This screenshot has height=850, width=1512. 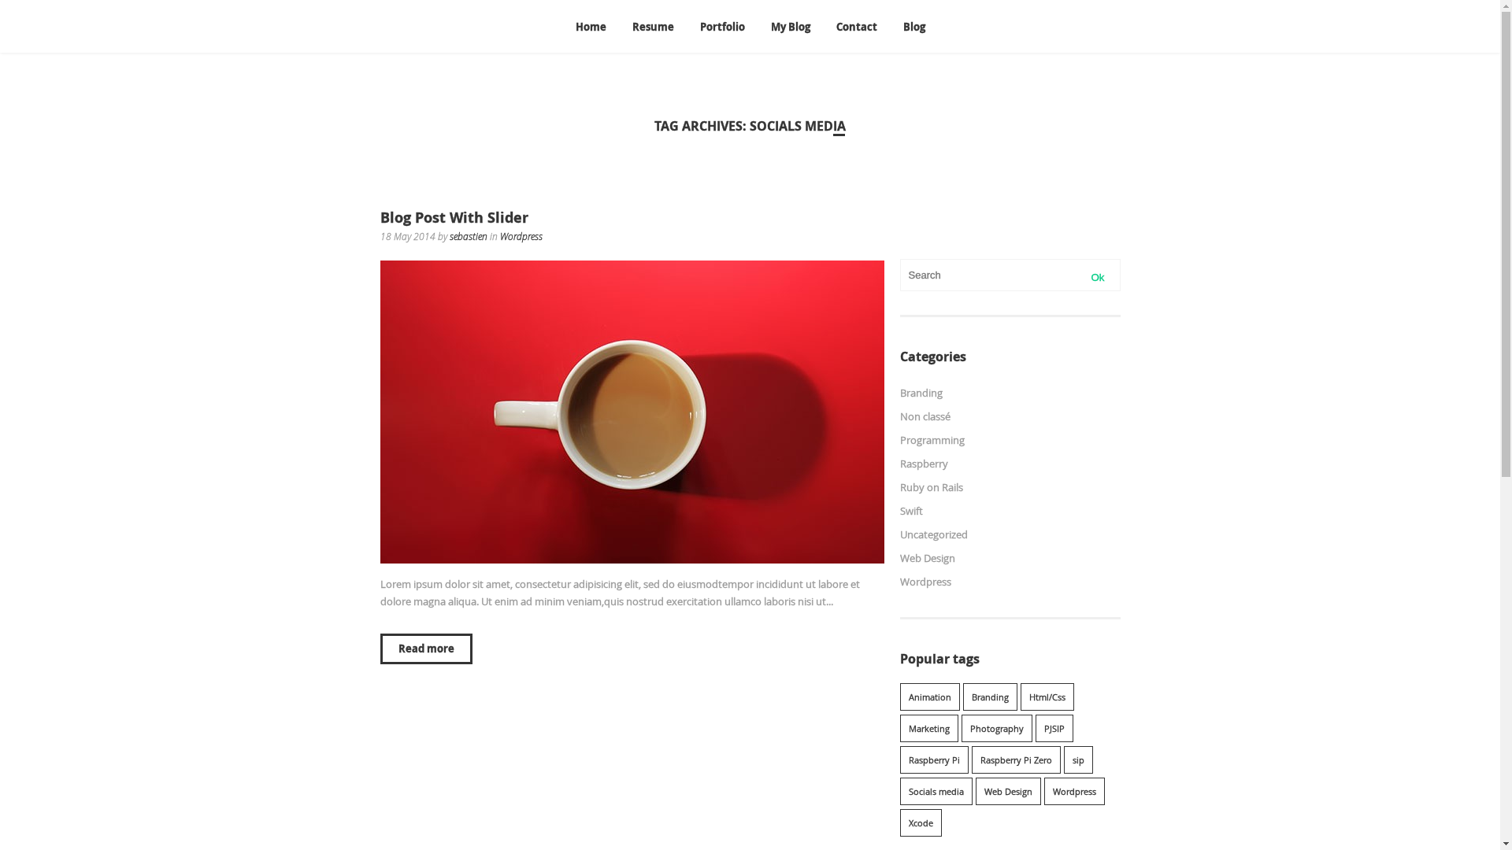 What do you see at coordinates (933, 533) in the screenshot?
I see `'Uncategorized'` at bounding box center [933, 533].